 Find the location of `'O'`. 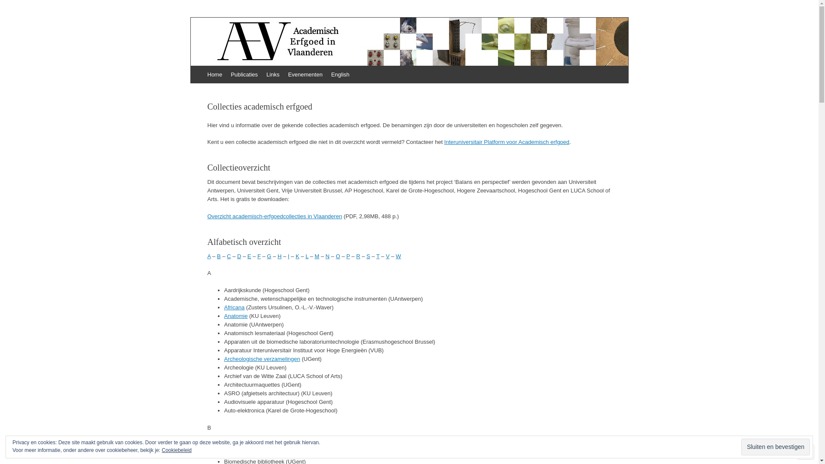

'O' is located at coordinates (337, 255).